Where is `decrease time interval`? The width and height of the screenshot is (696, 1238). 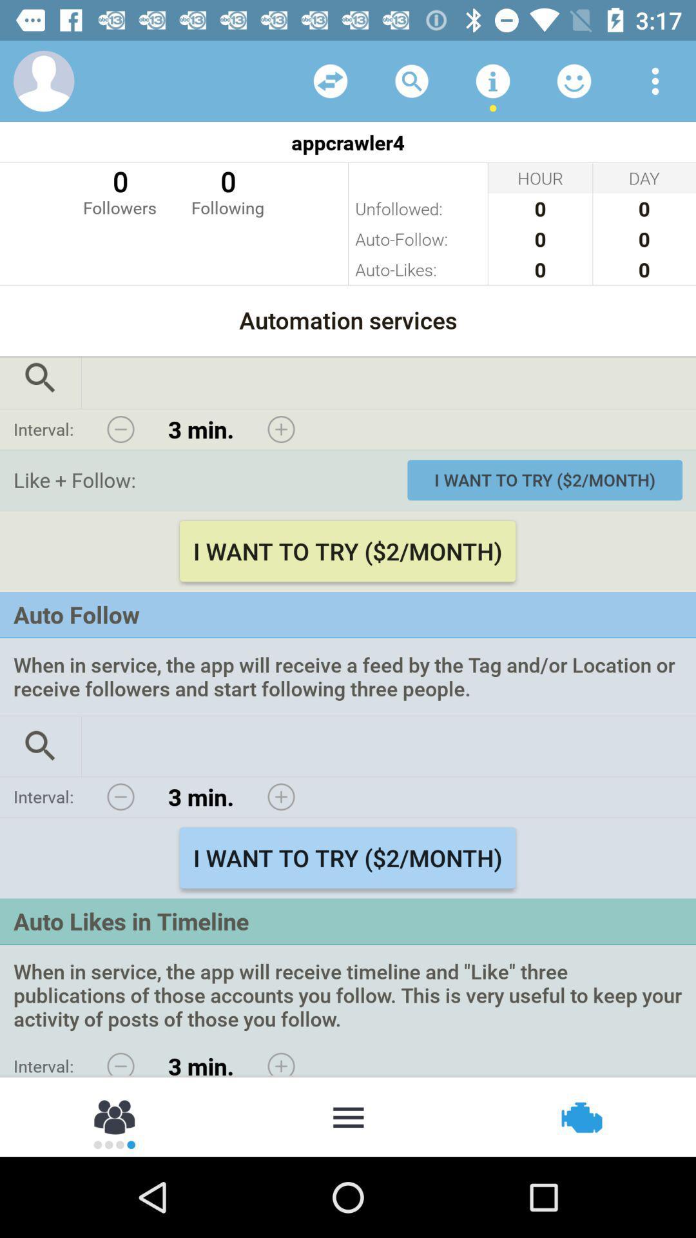
decrease time interval is located at coordinates (121, 429).